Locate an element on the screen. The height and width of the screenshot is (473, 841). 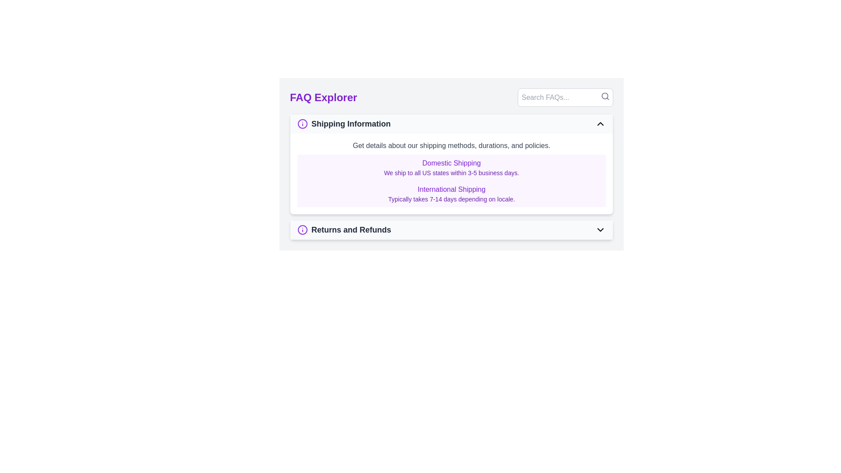
the magnifying glass icon located at the top-right corner of the search bar is located at coordinates (605, 96).